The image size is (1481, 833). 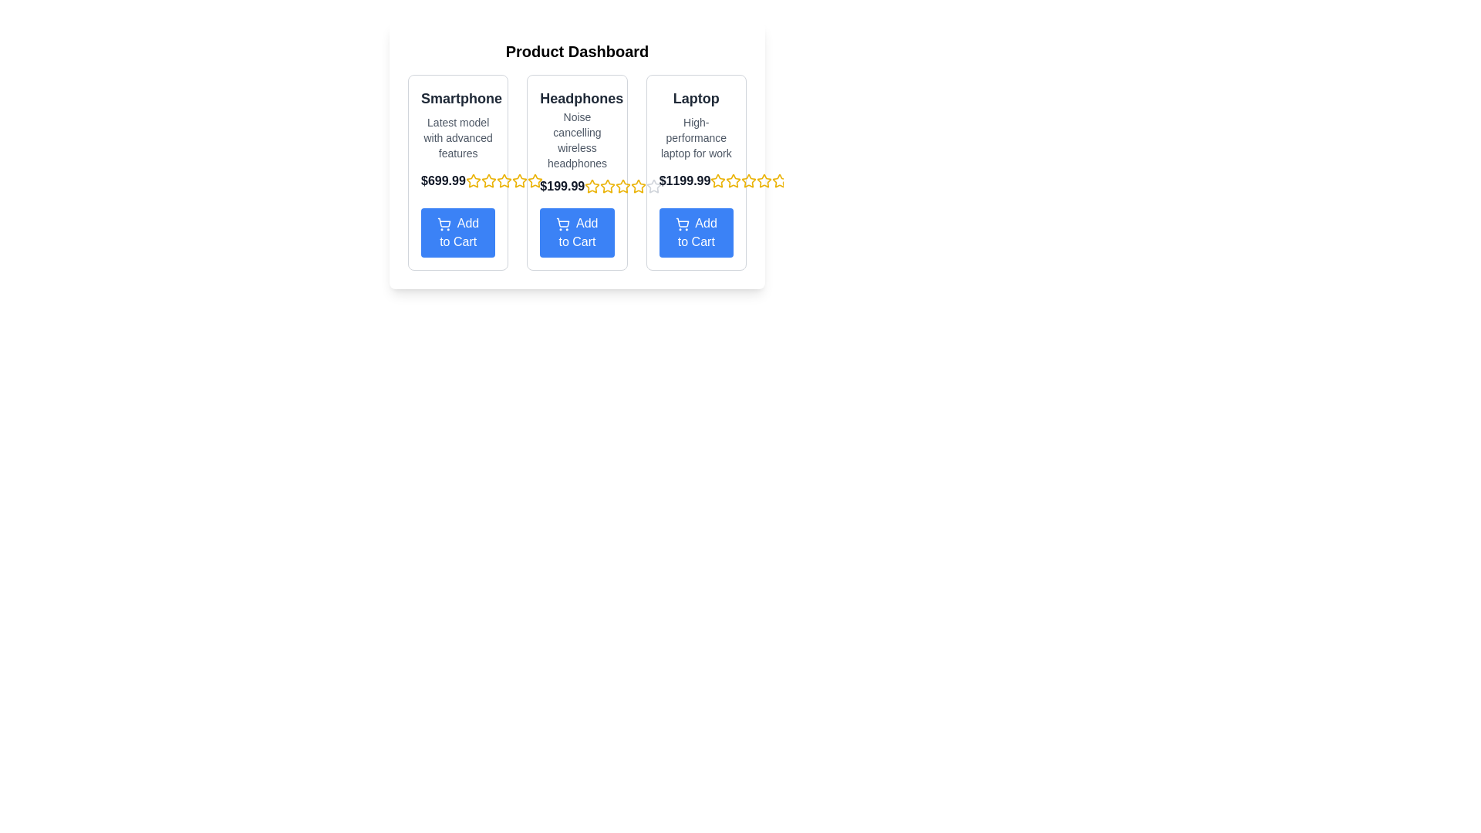 I want to click on the price text label under the 'Headphones' column, which is located just above the star ratings and 'Add to Cart' button, so click(x=562, y=186).